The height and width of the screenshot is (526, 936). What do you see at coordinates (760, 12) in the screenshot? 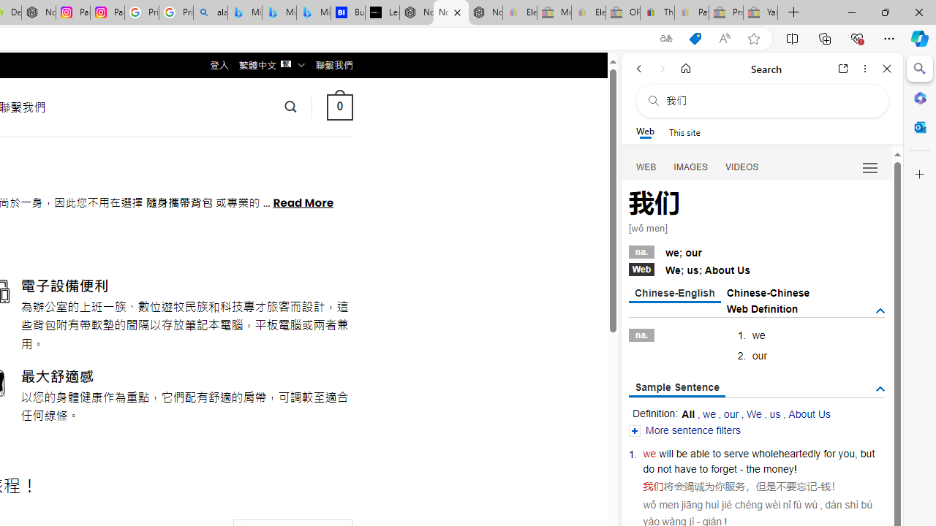
I see `'Yard, Garden & Outdoor Living - Sleeping'` at bounding box center [760, 12].